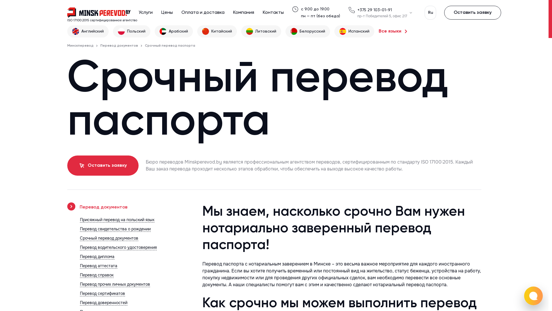  I want to click on '+375 29 103-01-91', so click(374, 10).